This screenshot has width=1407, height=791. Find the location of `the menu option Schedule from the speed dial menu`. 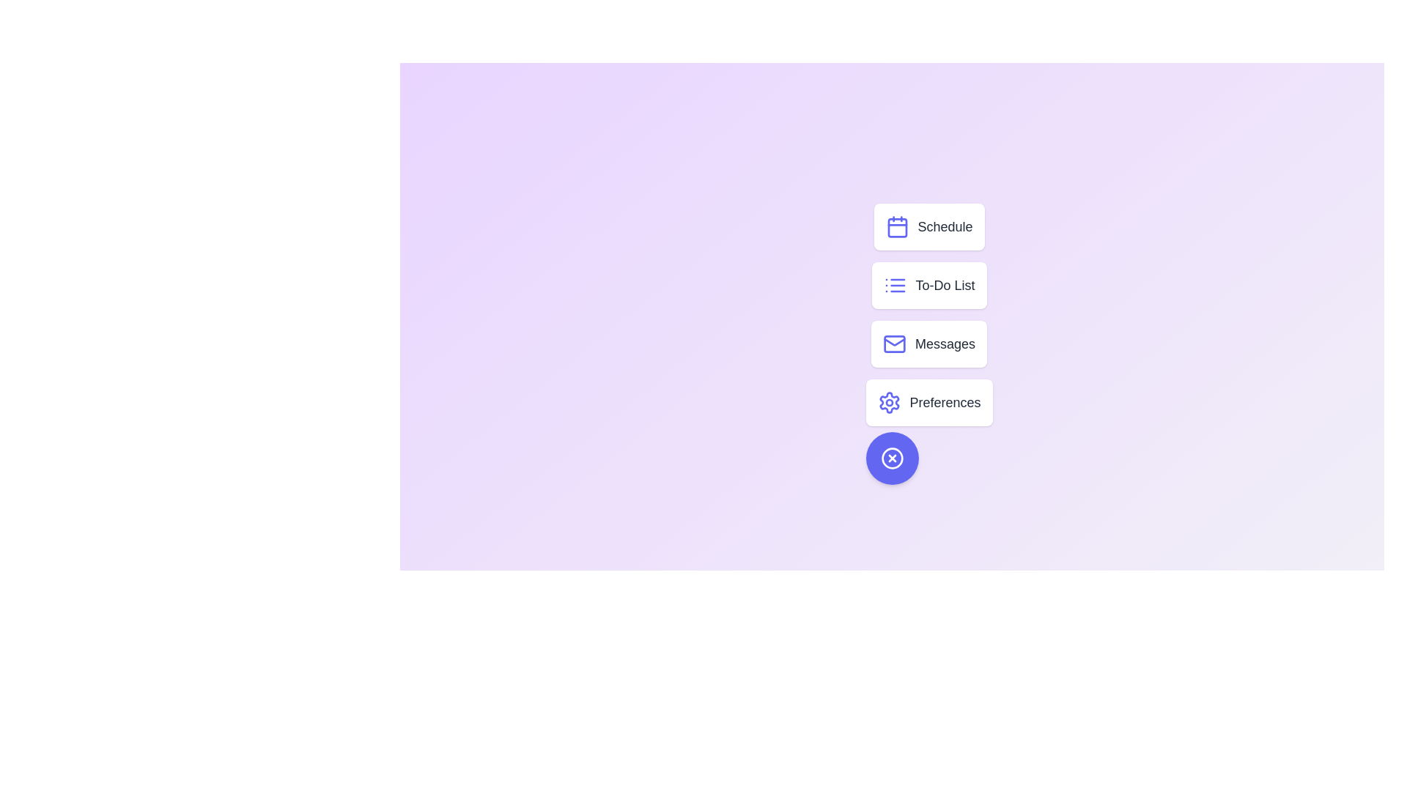

the menu option Schedule from the speed dial menu is located at coordinates (928, 226).